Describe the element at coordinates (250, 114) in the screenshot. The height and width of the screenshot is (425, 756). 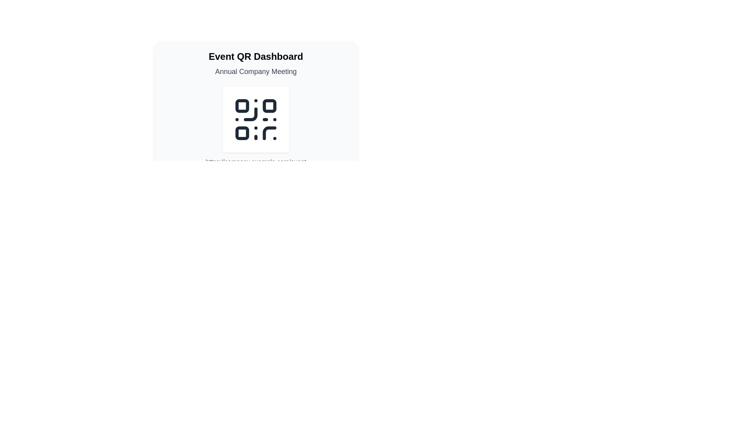
I see `the curved line segment of the QR code graphic, specifically located in the upper-left quadrant of the code's middle section` at that location.